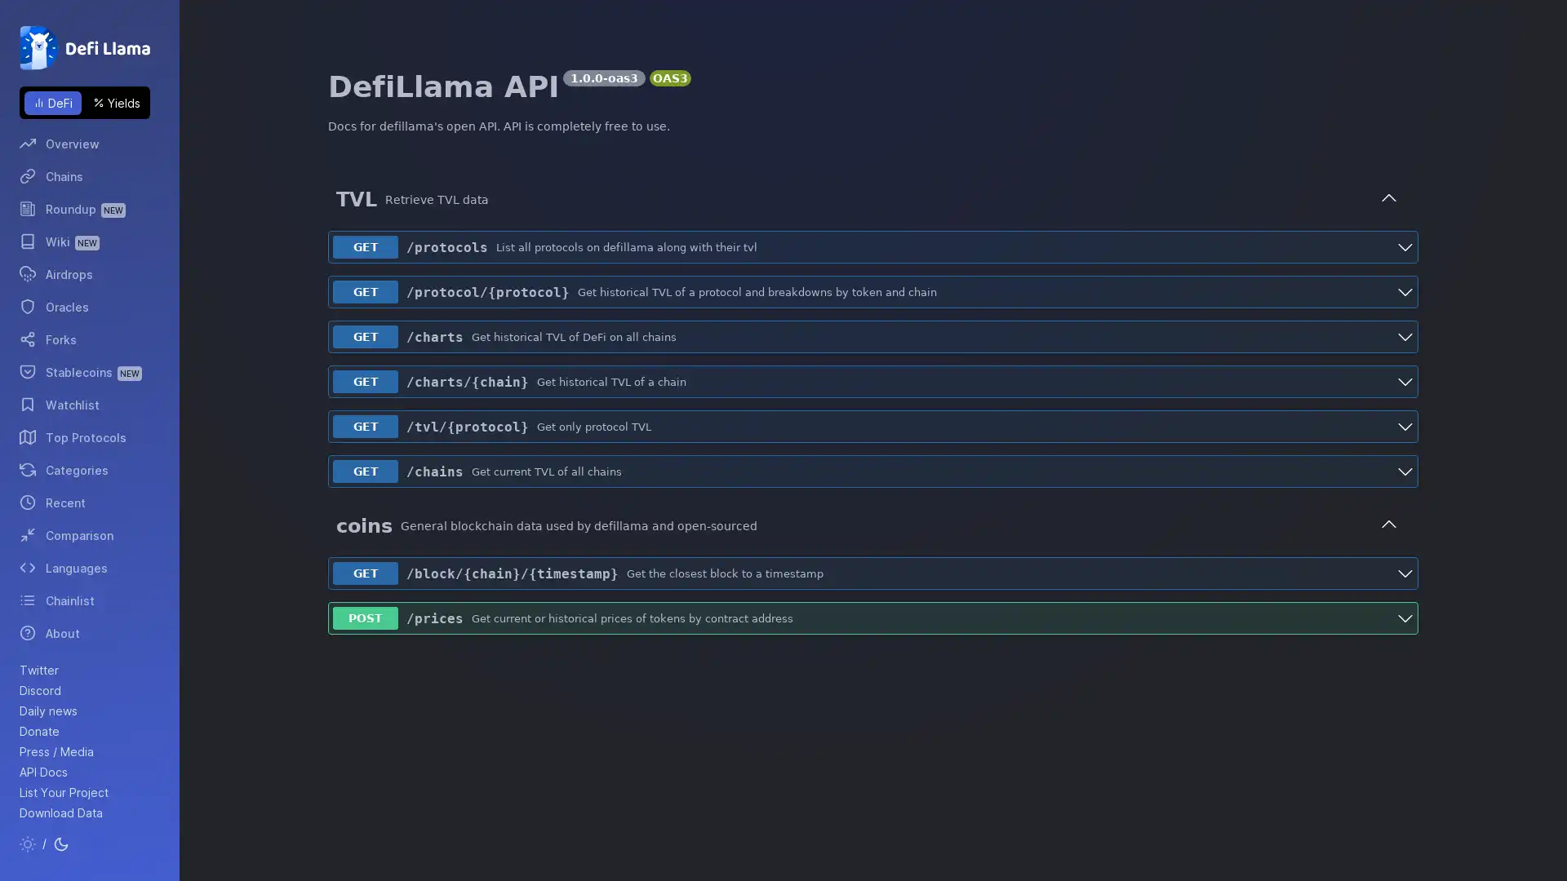 Image resolution: width=1567 pixels, height=881 pixels. I want to click on get /protocols, so click(872, 247).